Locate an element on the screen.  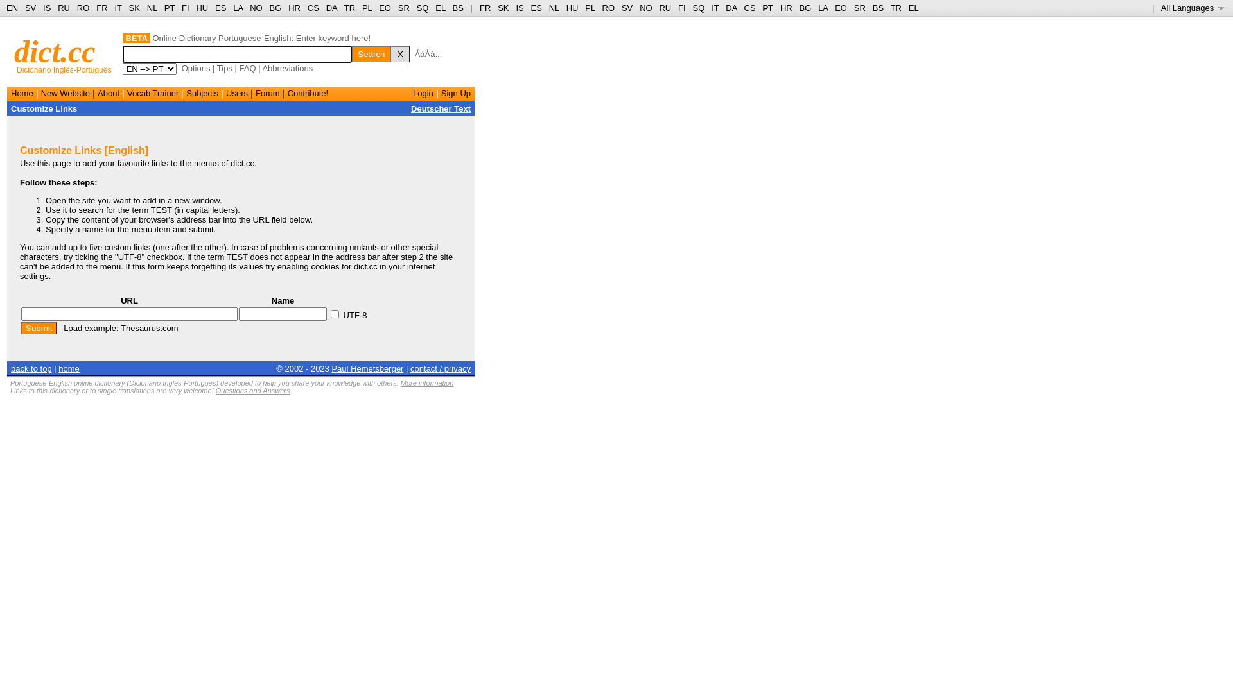
'All Languages ' is located at coordinates (1161, 8).